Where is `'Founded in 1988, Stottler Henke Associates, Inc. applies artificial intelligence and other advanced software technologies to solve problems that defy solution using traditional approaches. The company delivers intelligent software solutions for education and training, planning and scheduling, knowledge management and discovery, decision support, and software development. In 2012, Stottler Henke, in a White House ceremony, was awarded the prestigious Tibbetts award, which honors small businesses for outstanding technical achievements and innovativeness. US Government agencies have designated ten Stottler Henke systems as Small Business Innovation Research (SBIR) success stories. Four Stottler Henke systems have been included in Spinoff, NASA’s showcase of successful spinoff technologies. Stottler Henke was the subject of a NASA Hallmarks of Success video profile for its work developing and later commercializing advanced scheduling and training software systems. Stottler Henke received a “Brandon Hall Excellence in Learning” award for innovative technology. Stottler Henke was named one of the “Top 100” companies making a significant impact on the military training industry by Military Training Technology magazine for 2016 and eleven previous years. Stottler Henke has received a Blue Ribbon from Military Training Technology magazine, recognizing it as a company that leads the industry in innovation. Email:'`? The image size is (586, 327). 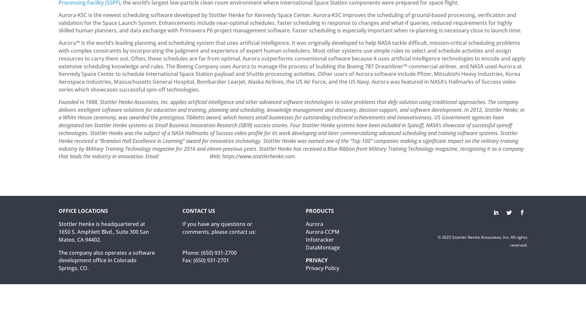
'Founded in 1988, Stottler Henke Associates, Inc. applies artificial intelligence and other advanced software technologies to solve problems that defy solution using traditional approaches. The company delivers intelligent software solutions for education and training, planning and scheduling, knowledge management and discovery, decision support, and software development. In 2012, Stottler Henke, in a White House ceremony, was awarded the prestigious Tibbetts award, which honors small businesses for outstanding technical achievements and innovativeness. US Government agencies have designated ten Stottler Henke systems as Small Business Innovation Research (SBIR) success stories. Four Stottler Henke systems have been included in Spinoff, NASA’s showcase of successful spinoff technologies. Stottler Henke was the subject of a NASA Hallmarks of Success video profile for its work developing and later commercializing advanced scheduling and training software systems. Stottler Henke received a “Brandon Hall Excellence in Learning” award for innovative technology. Stottler Henke was named one of the “Top 100” companies making a significant impact on the military training industry by Military Training Technology magazine for 2016 and eleven previous years. Stottler Henke has received a Blue Ribbon from Military Training Technology magazine, recognizing it as a company that leads the industry in innovation. Email:' is located at coordinates (59, 129).